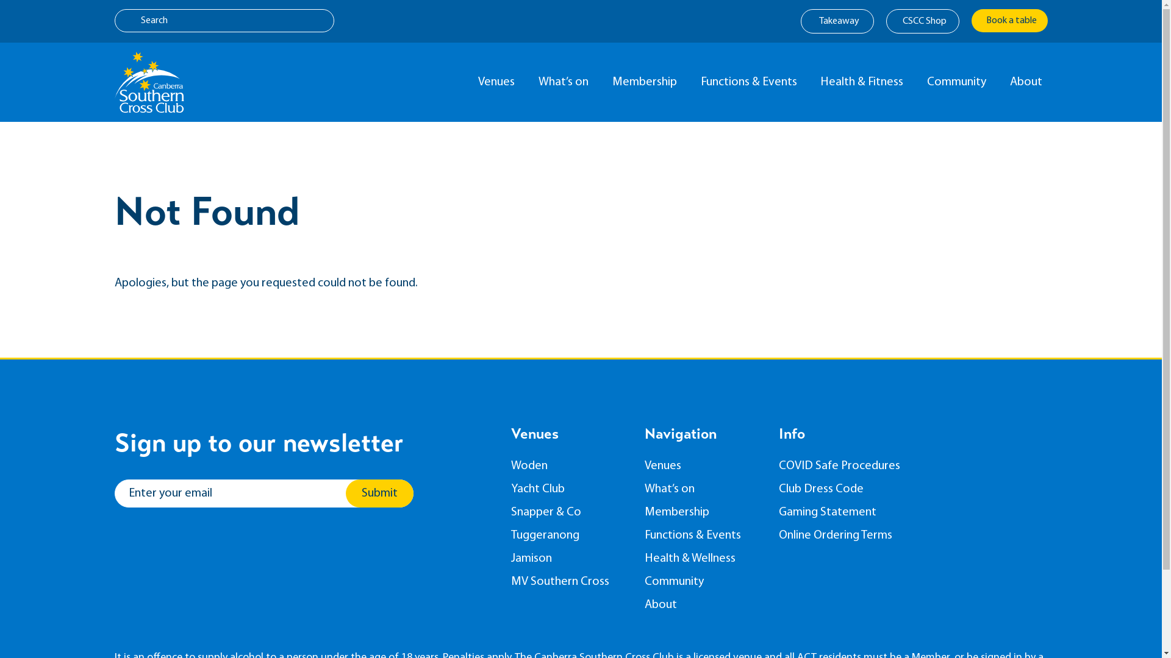  Describe the element at coordinates (643, 535) in the screenshot. I see `'Functions & Events'` at that location.